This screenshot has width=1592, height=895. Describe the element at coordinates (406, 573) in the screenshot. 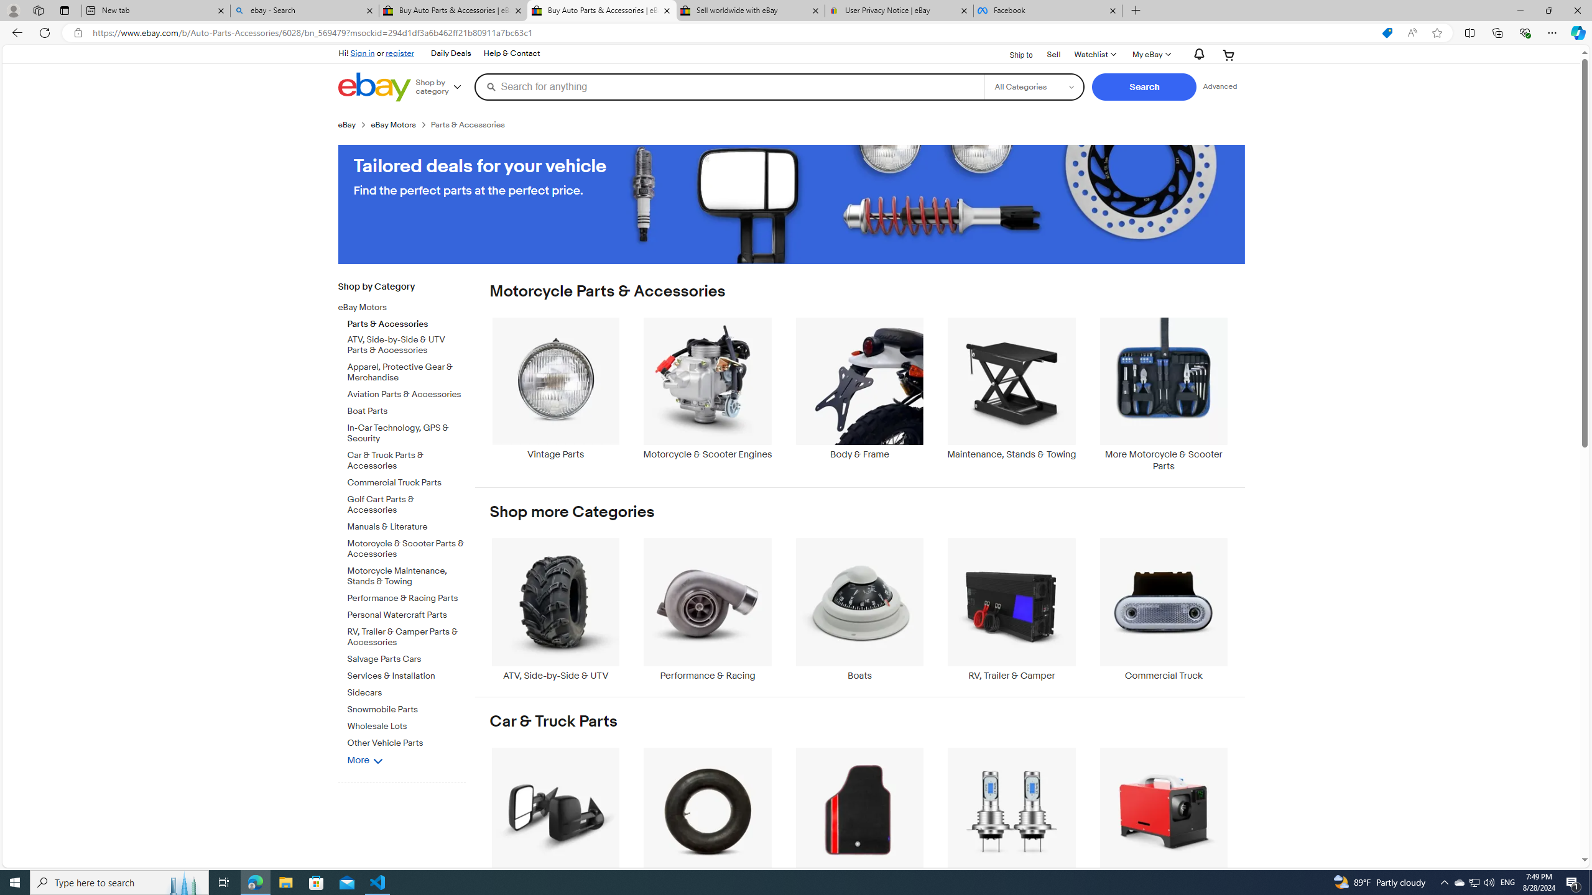

I see `'Motorcycle Maintenance, Stands & Towing'` at that location.